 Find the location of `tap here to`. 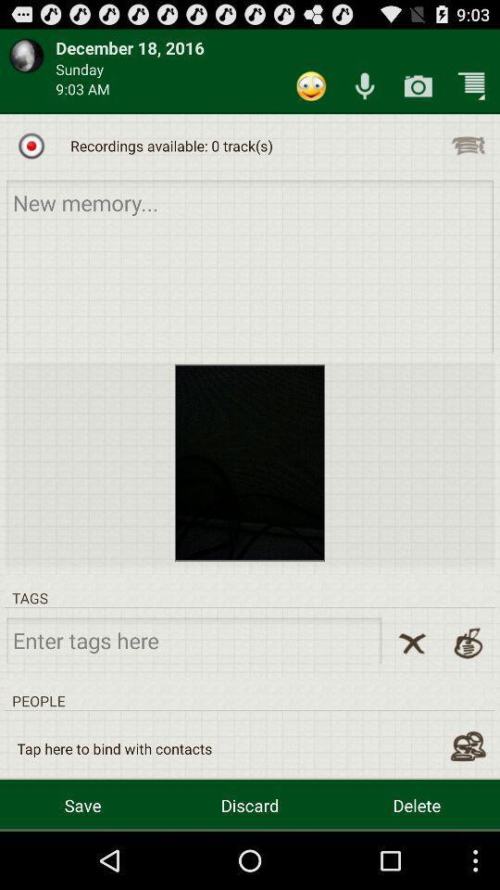

tap here to is located at coordinates (114, 748).